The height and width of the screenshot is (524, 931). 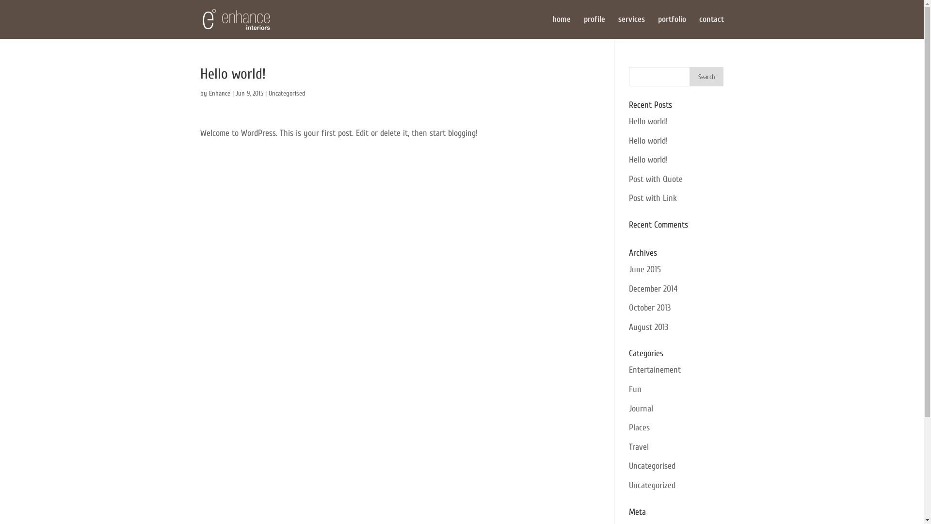 I want to click on 'Places', so click(x=639, y=427).